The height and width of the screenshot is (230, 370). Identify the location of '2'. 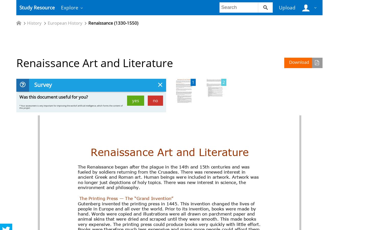
(222, 82).